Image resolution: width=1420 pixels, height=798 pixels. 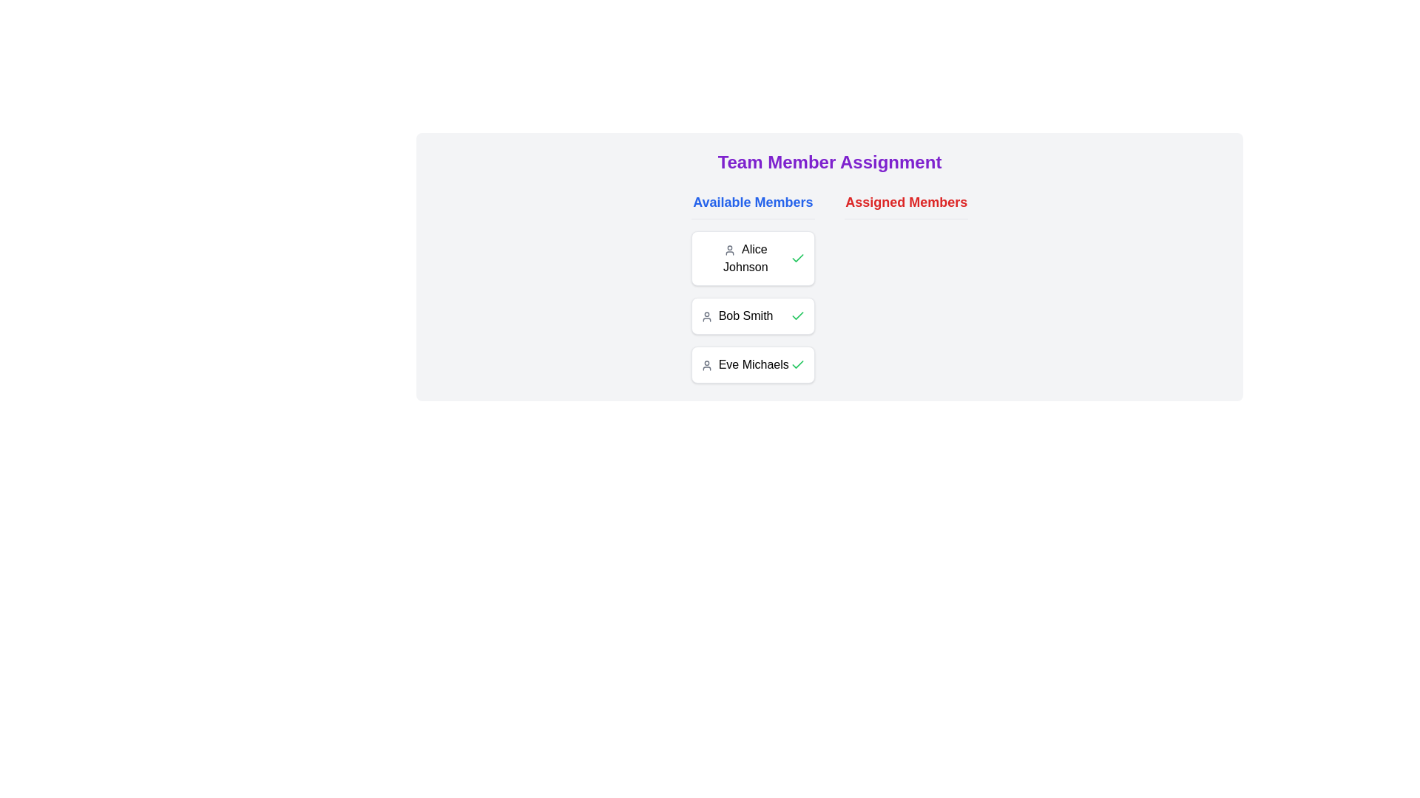 I want to click on the 'Assigned Members' section which has a bold red header, located to the right of the 'Available Members' section, so click(x=905, y=287).